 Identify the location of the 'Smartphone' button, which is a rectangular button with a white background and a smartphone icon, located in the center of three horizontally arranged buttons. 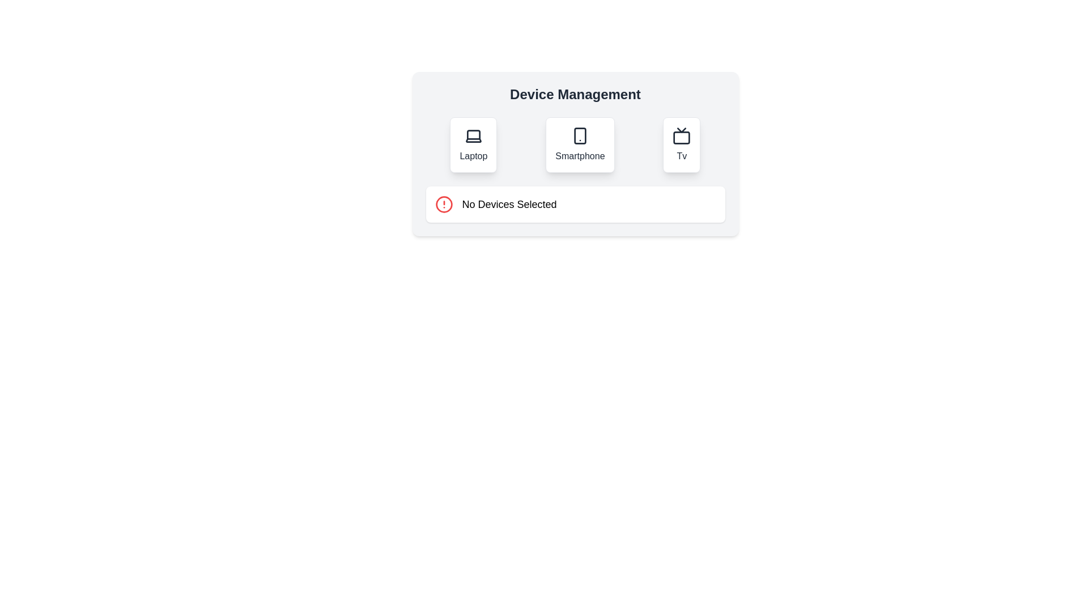
(580, 144).